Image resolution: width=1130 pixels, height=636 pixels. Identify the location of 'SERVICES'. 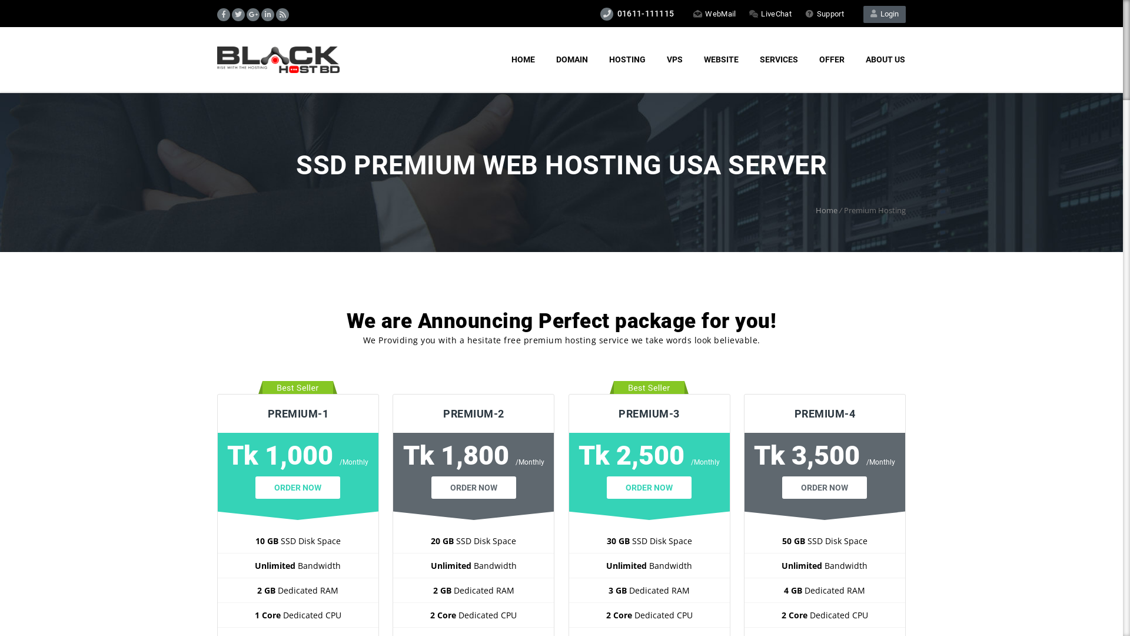
(779, 59).